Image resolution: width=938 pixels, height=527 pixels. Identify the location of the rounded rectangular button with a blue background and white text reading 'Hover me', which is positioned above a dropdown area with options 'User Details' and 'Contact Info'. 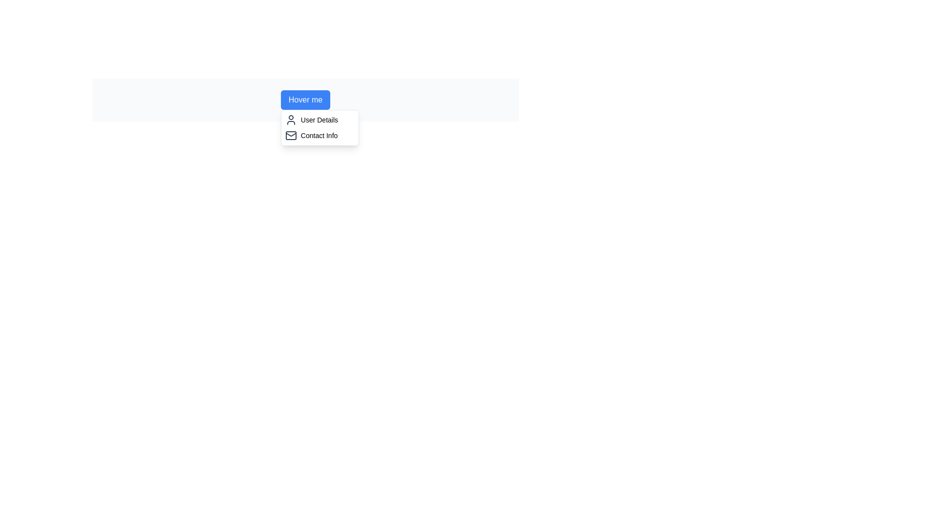
(305, 100).